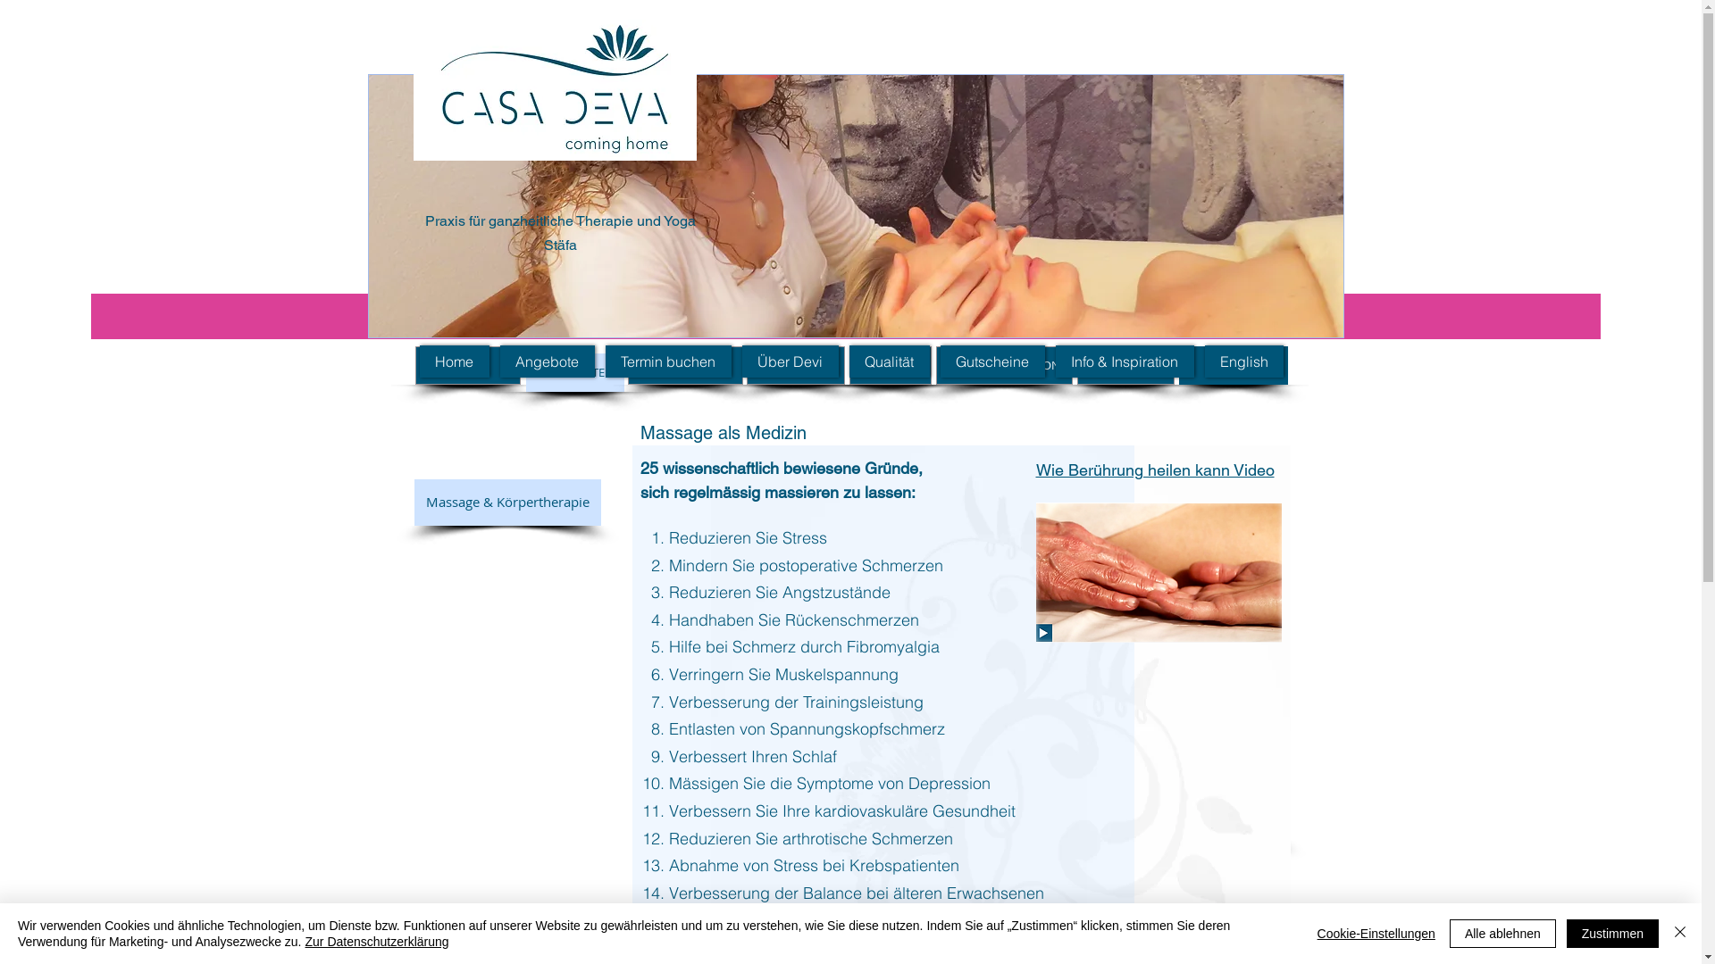 This screenshot has width=1715, height=964. What do you see at coordinates (547, 361) in the screenshot?
I see `'Angebote'` at bounding box center [547, 361].